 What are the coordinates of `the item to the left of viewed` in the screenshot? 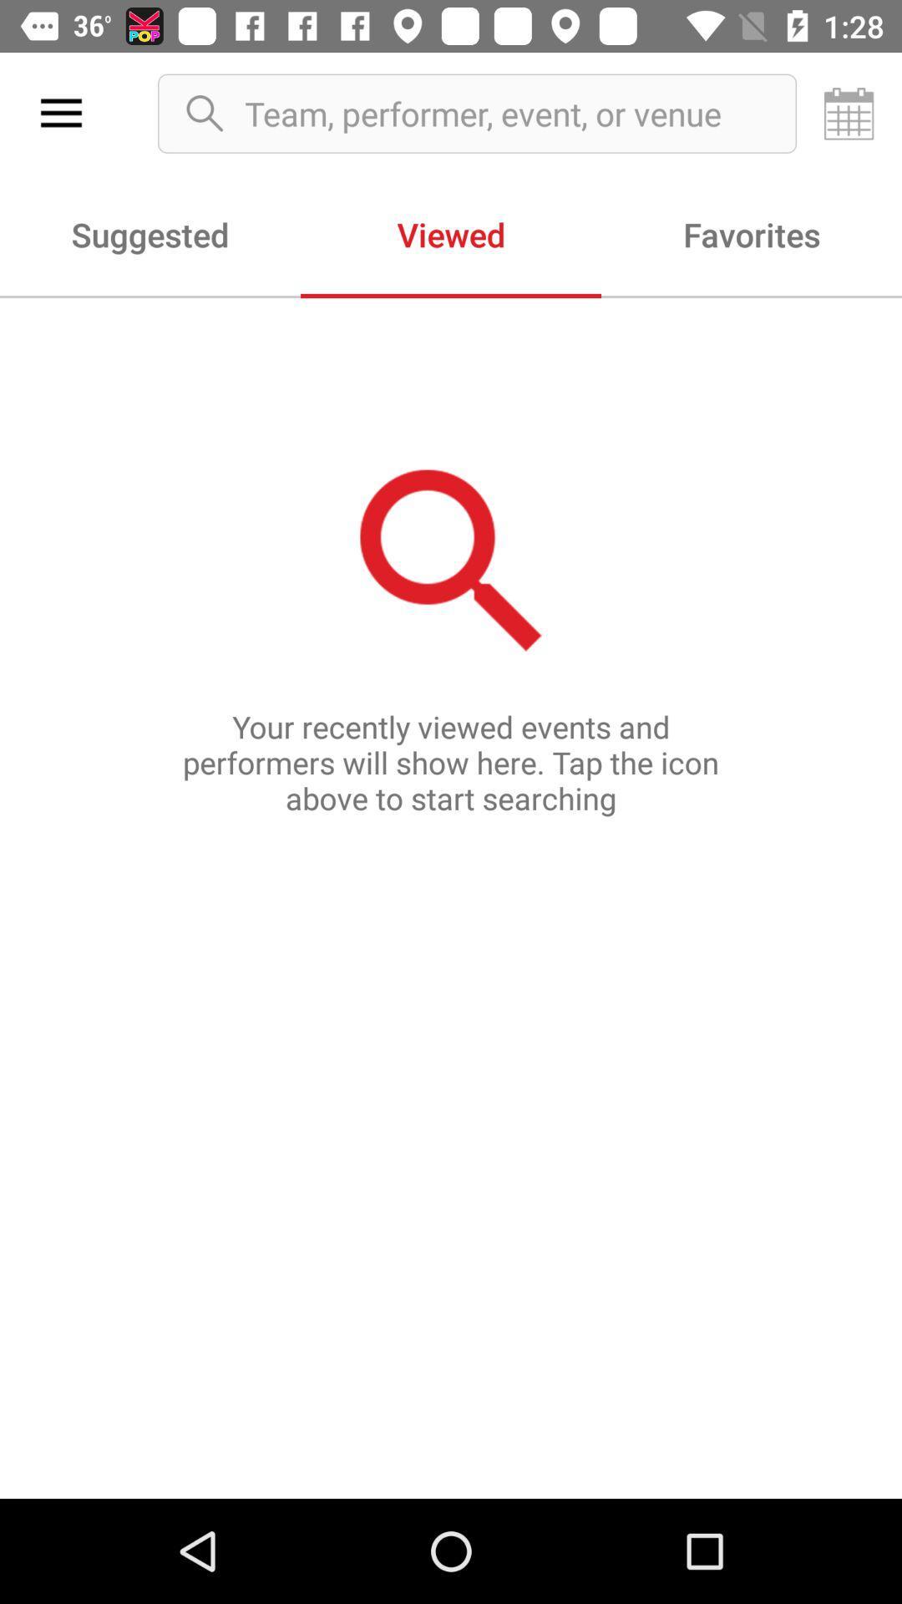 It's located at (150, 233).